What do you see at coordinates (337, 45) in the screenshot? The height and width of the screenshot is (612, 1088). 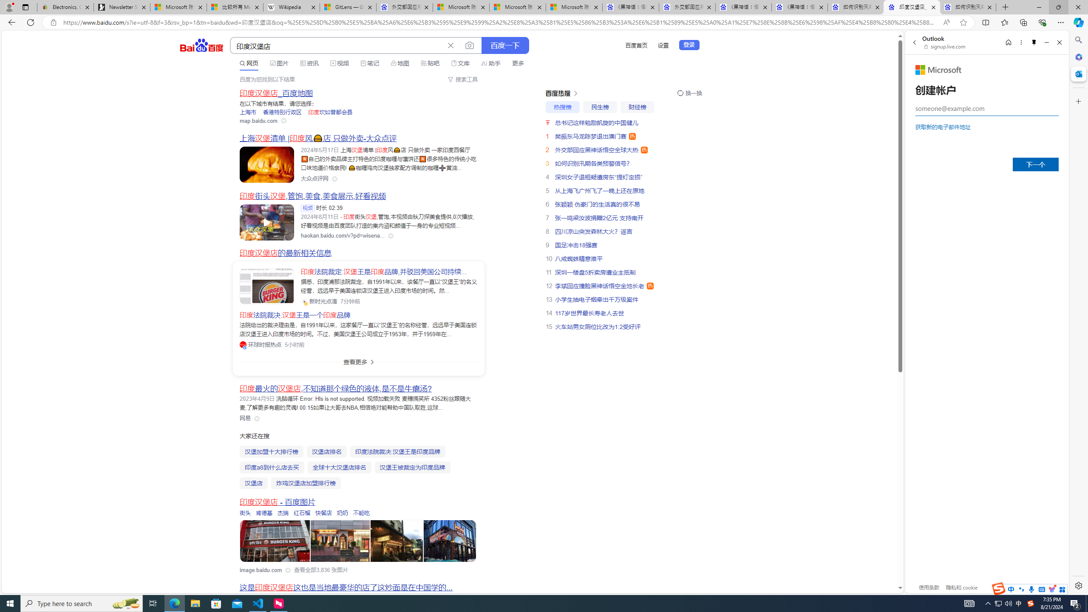 I see `'AutomationID: kw'` at bounding box center [337, 45].